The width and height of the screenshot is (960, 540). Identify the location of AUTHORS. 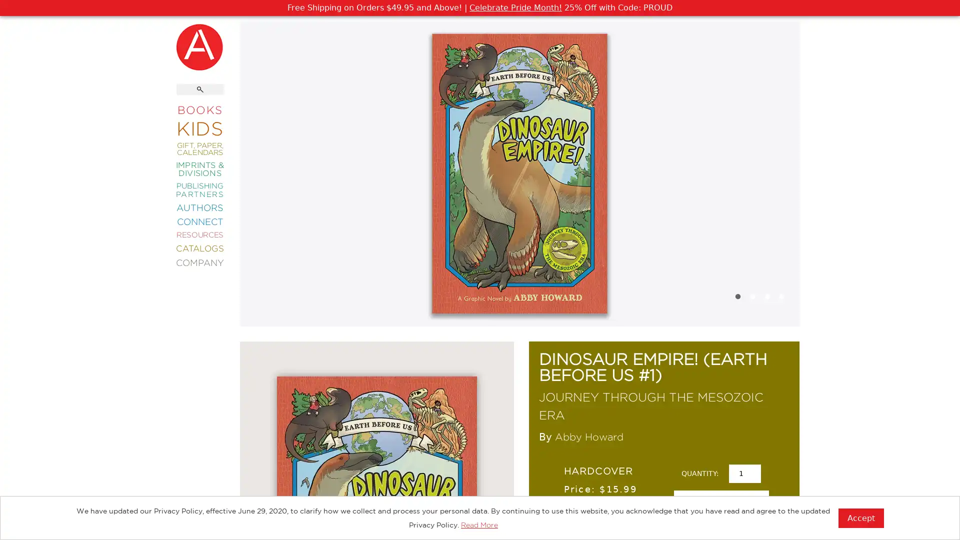
(199, 206).